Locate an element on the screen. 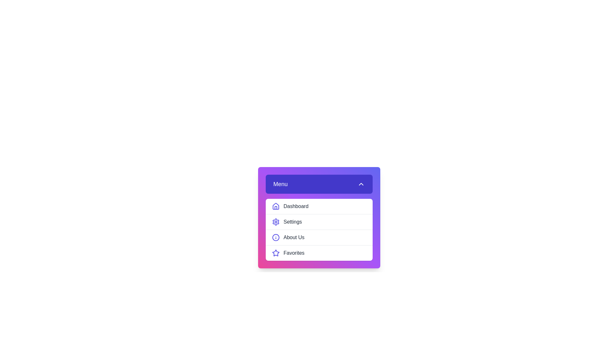  the menu item Favorites from the menu is located at coordinates (319, 252).